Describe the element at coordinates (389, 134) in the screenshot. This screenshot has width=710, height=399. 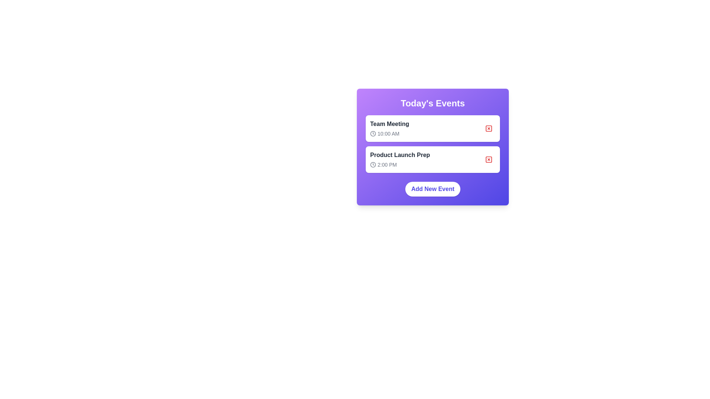
I see `the Label with the text '10:00 AM' and clock icon, located under the 'Team Meeting' heading in the first event card of 'Today's Events'` at that location.